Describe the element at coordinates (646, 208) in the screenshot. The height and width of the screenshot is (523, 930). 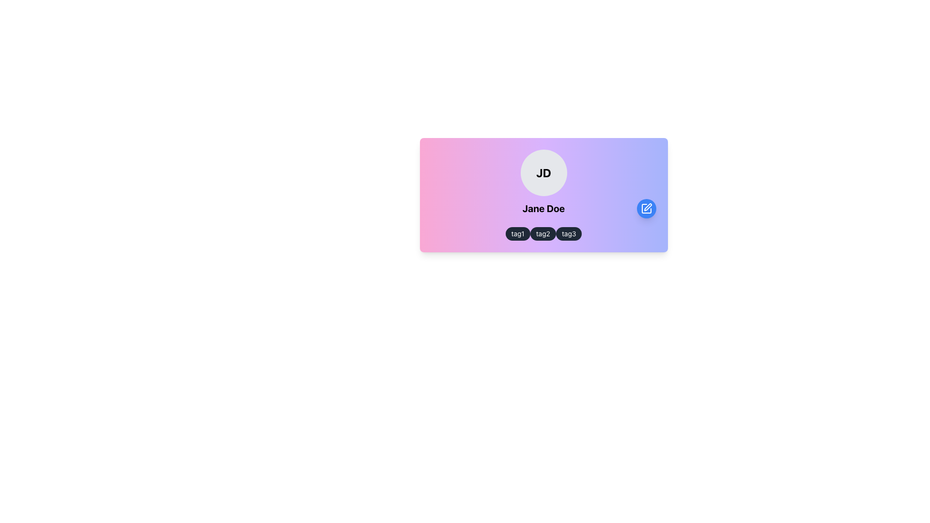
I see `the edit icon located in the blue circular button at the top-right corner of the card layout` at that location.